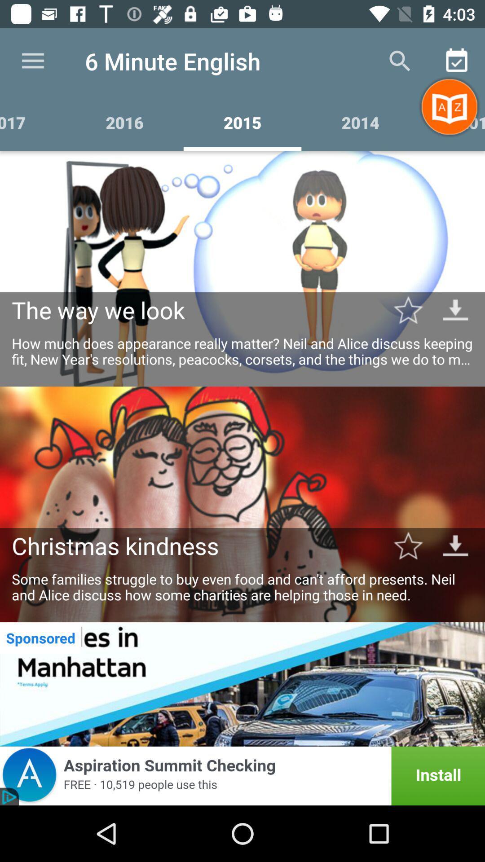 This screenshot has width=485, height=862. Describe the element at coordinates (242, 775) in the screenshot. I see `open advertisement` at that location.